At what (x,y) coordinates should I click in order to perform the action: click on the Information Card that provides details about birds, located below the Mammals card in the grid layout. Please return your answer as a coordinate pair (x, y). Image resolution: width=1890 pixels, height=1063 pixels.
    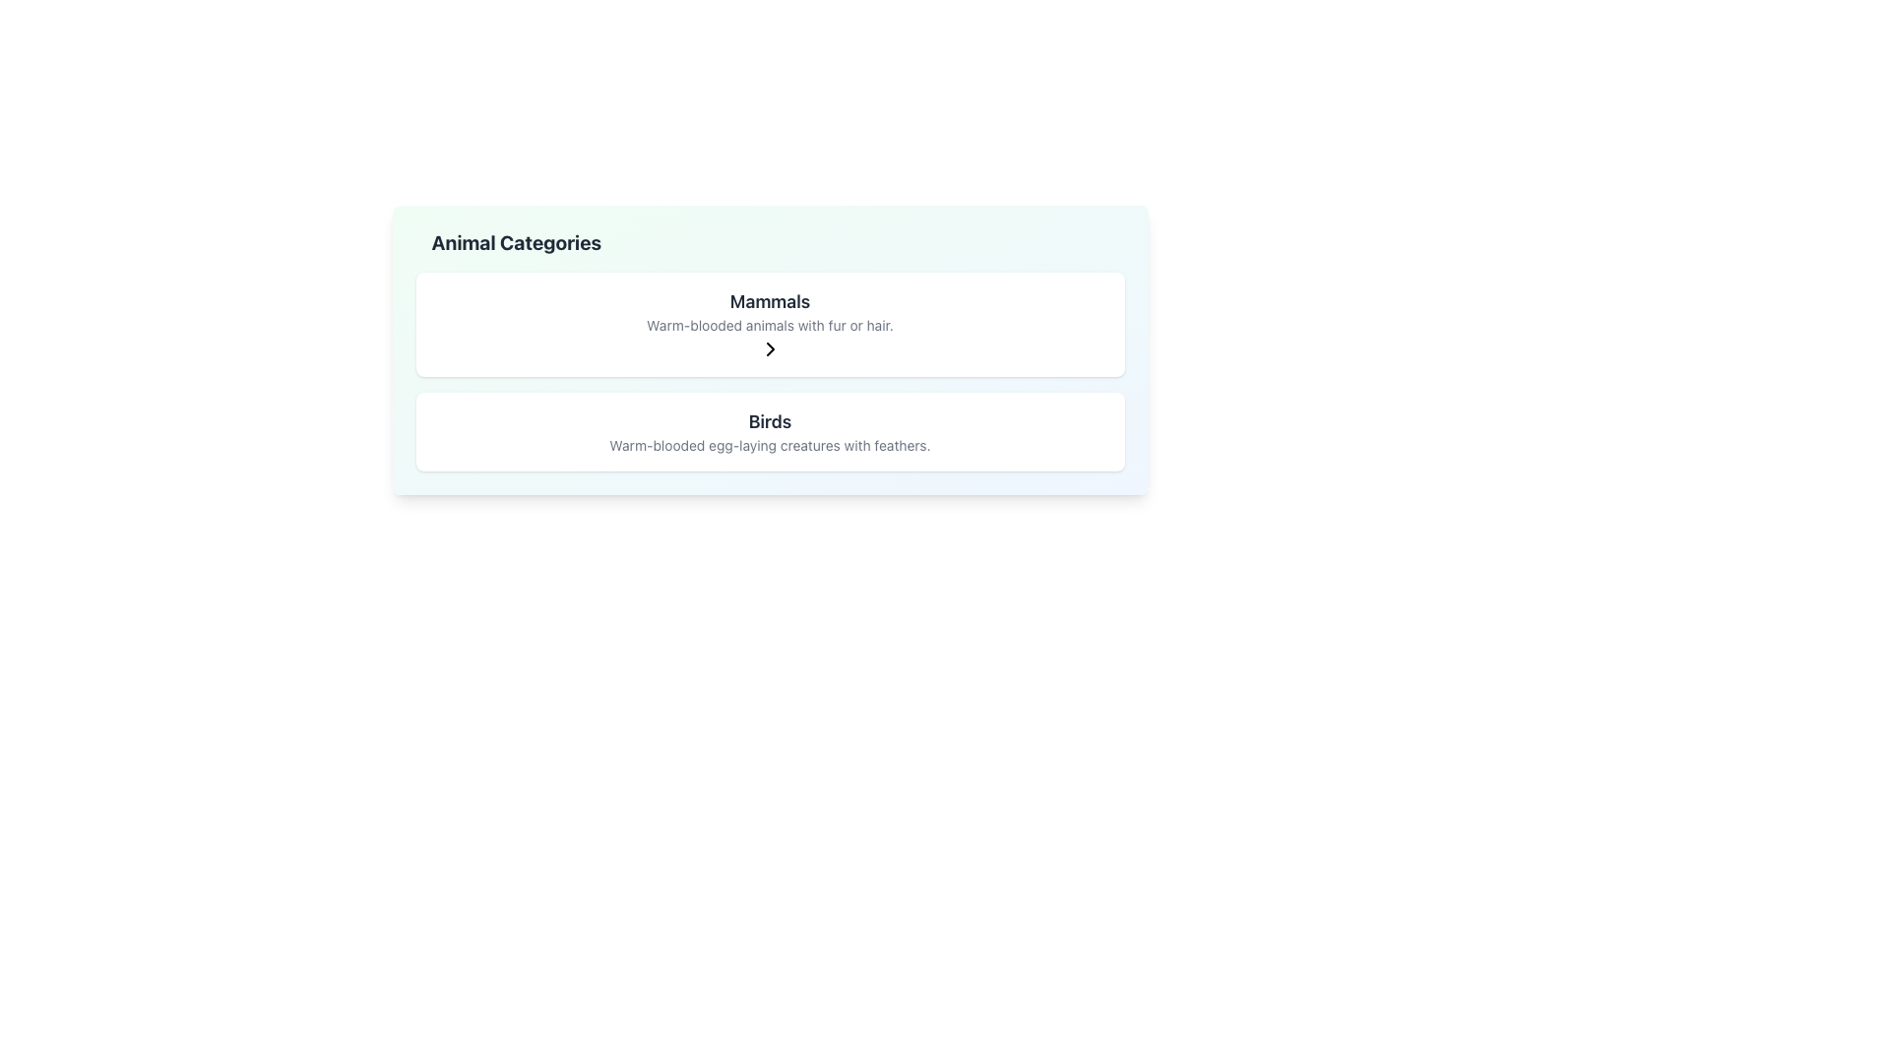
    Looking at the image, I should click on (769, 430).